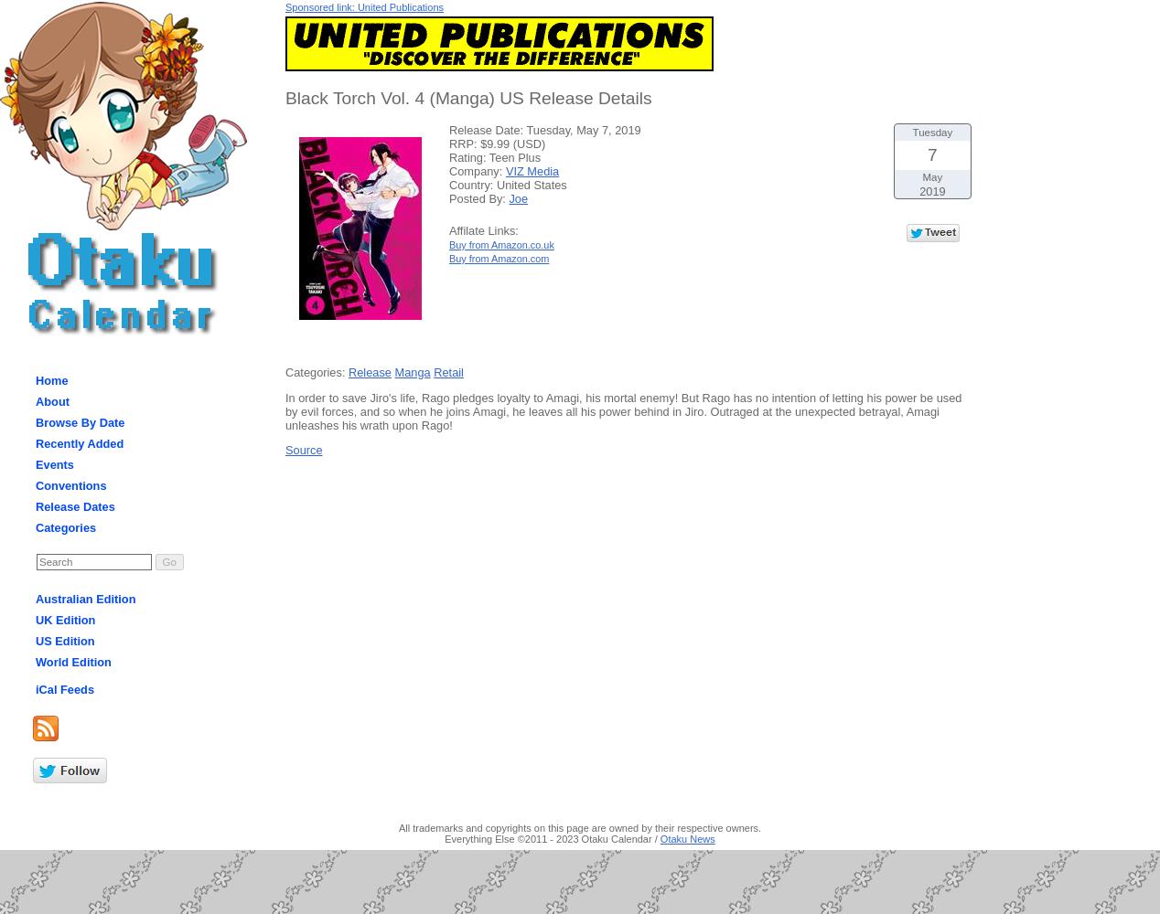  What do you see at coordinates (444, 839) in the screenshot?
I see `'Everything Else ©2011 - 2023 Otaku Calendar /'` at bounding box center [444, 839].